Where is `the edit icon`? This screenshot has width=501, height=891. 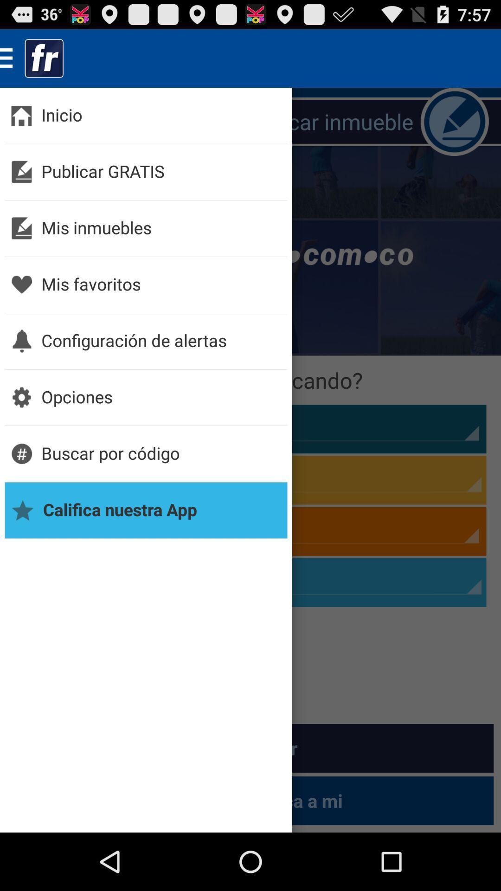 the edit icon is located at coordinates (454, 129).